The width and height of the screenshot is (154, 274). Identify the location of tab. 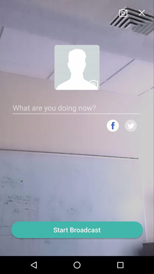
(141, 12).